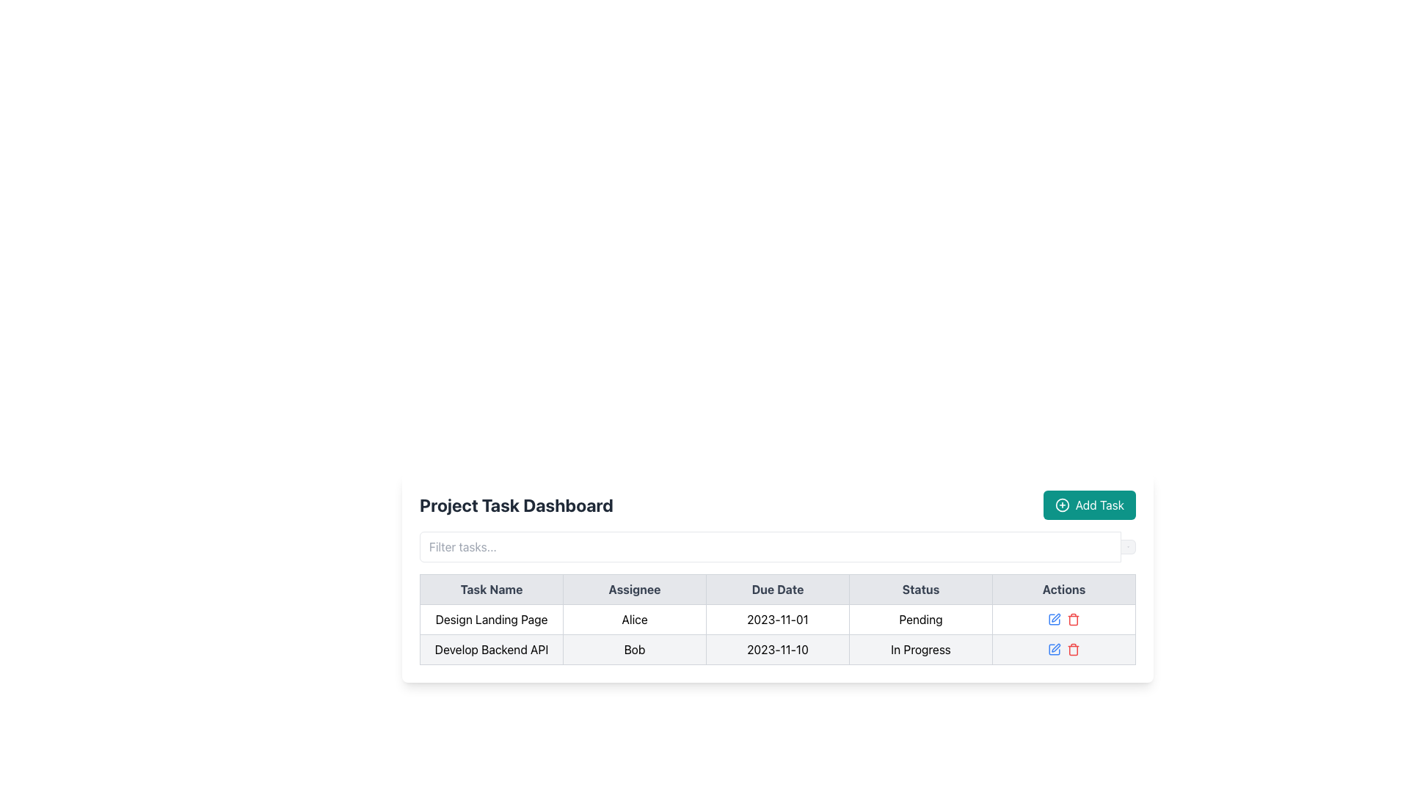  Describe the element at coordinates (1053, 619) in the screenshot. I see `the icon button resembling a square with angled corners` at that location.